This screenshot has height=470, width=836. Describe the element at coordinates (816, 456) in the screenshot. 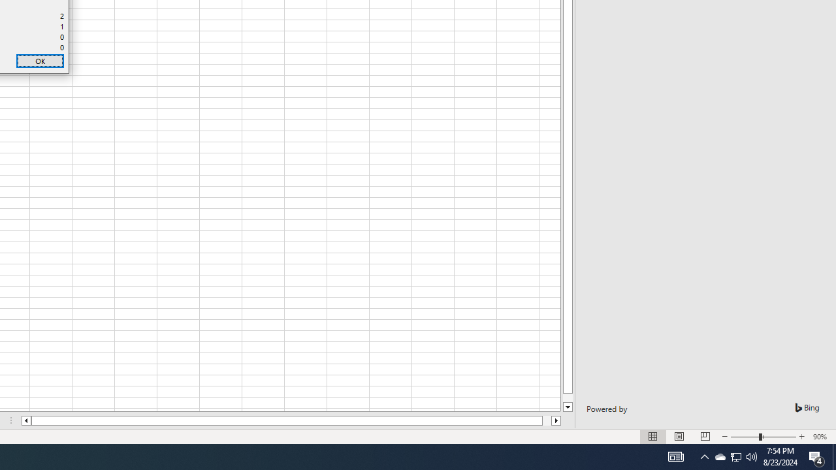

I see `'Action Center, 4 new notifications'` at that location.